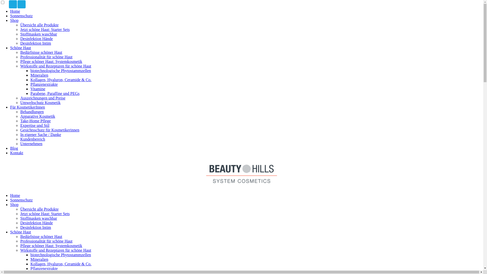  What do you see at coordinates (40, 102) in the screenshot?
I see `'Umweltschutz Kosmetik'` at bounding box center [40, 102].